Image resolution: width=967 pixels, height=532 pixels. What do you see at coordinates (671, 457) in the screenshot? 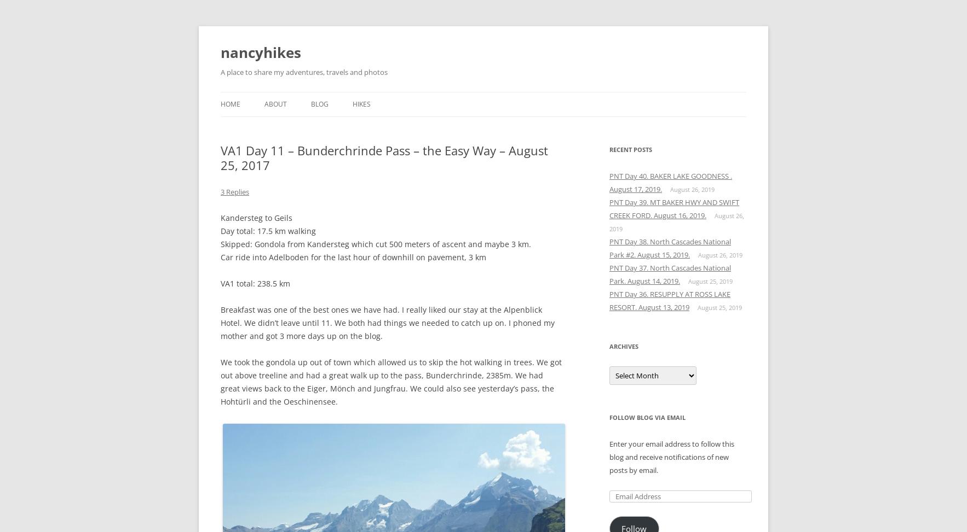
I see `'Enter your email address to follow this blog and receive notifications of new posts by email.'` at bounding box center [671, 457].